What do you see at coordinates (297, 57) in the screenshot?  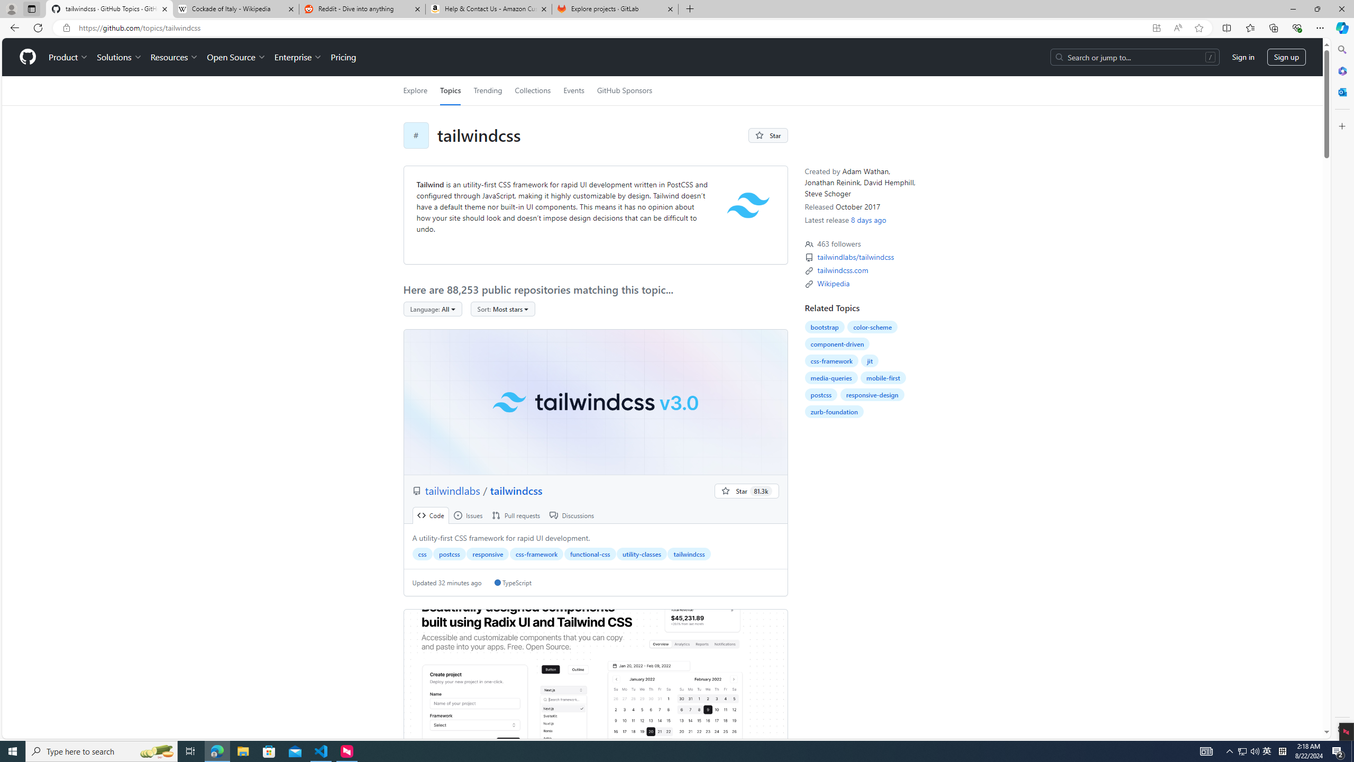 I see `'Enterprise'` at bounding box center [297, 57].